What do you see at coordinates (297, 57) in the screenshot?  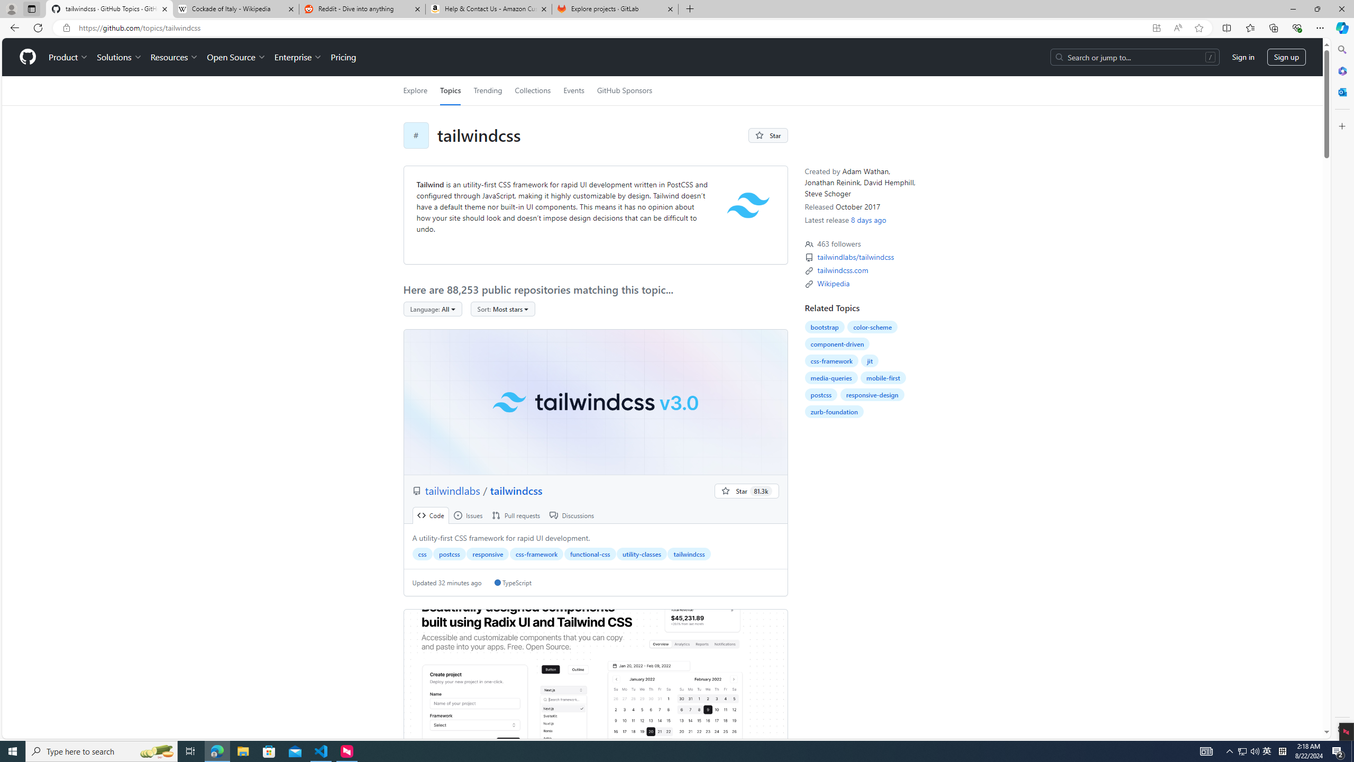 I see `'Enterprise'` at bounding box center [297, 57].